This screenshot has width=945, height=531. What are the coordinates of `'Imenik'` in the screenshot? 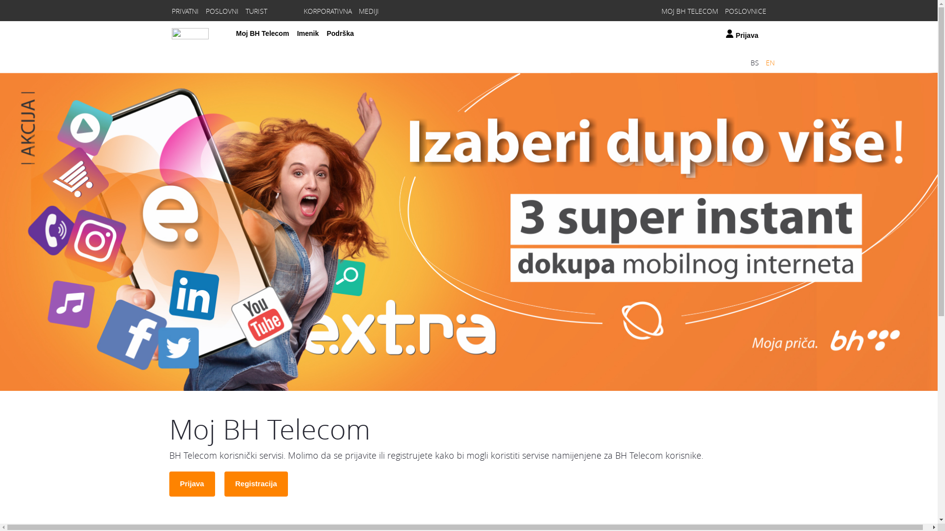 It's located at (307, 33).